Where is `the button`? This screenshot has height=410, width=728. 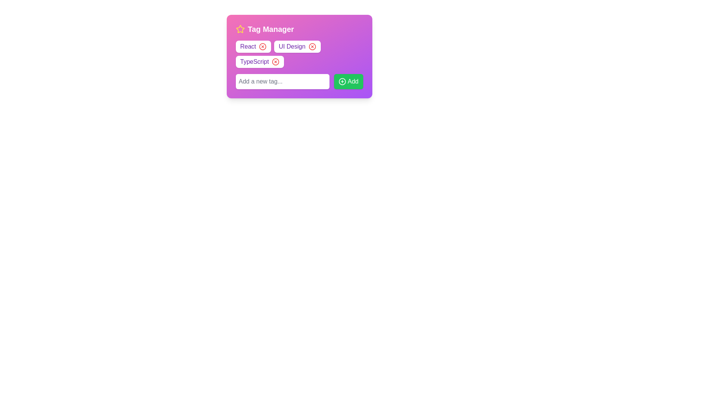
the button is located at coordinates (275, 61).